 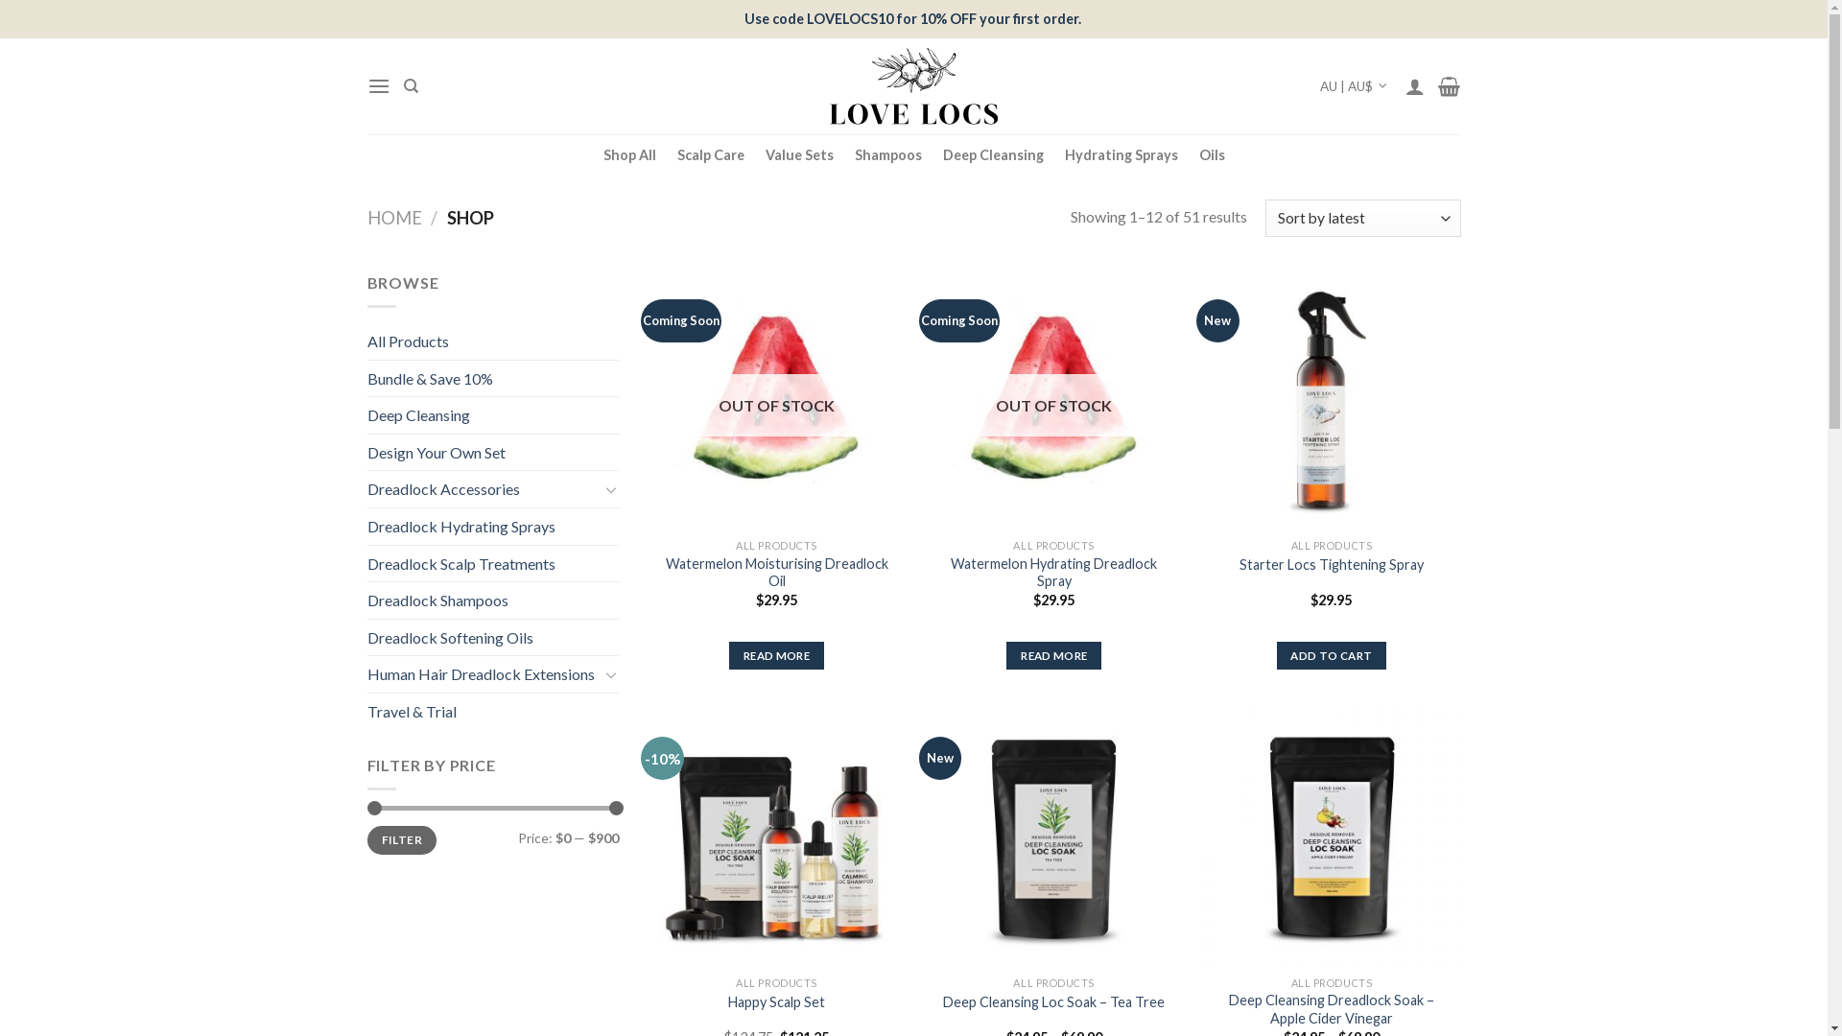 I want to click on 'Watermelon Hydrating Dreadlock Spray', so click(x=1053, y=571).